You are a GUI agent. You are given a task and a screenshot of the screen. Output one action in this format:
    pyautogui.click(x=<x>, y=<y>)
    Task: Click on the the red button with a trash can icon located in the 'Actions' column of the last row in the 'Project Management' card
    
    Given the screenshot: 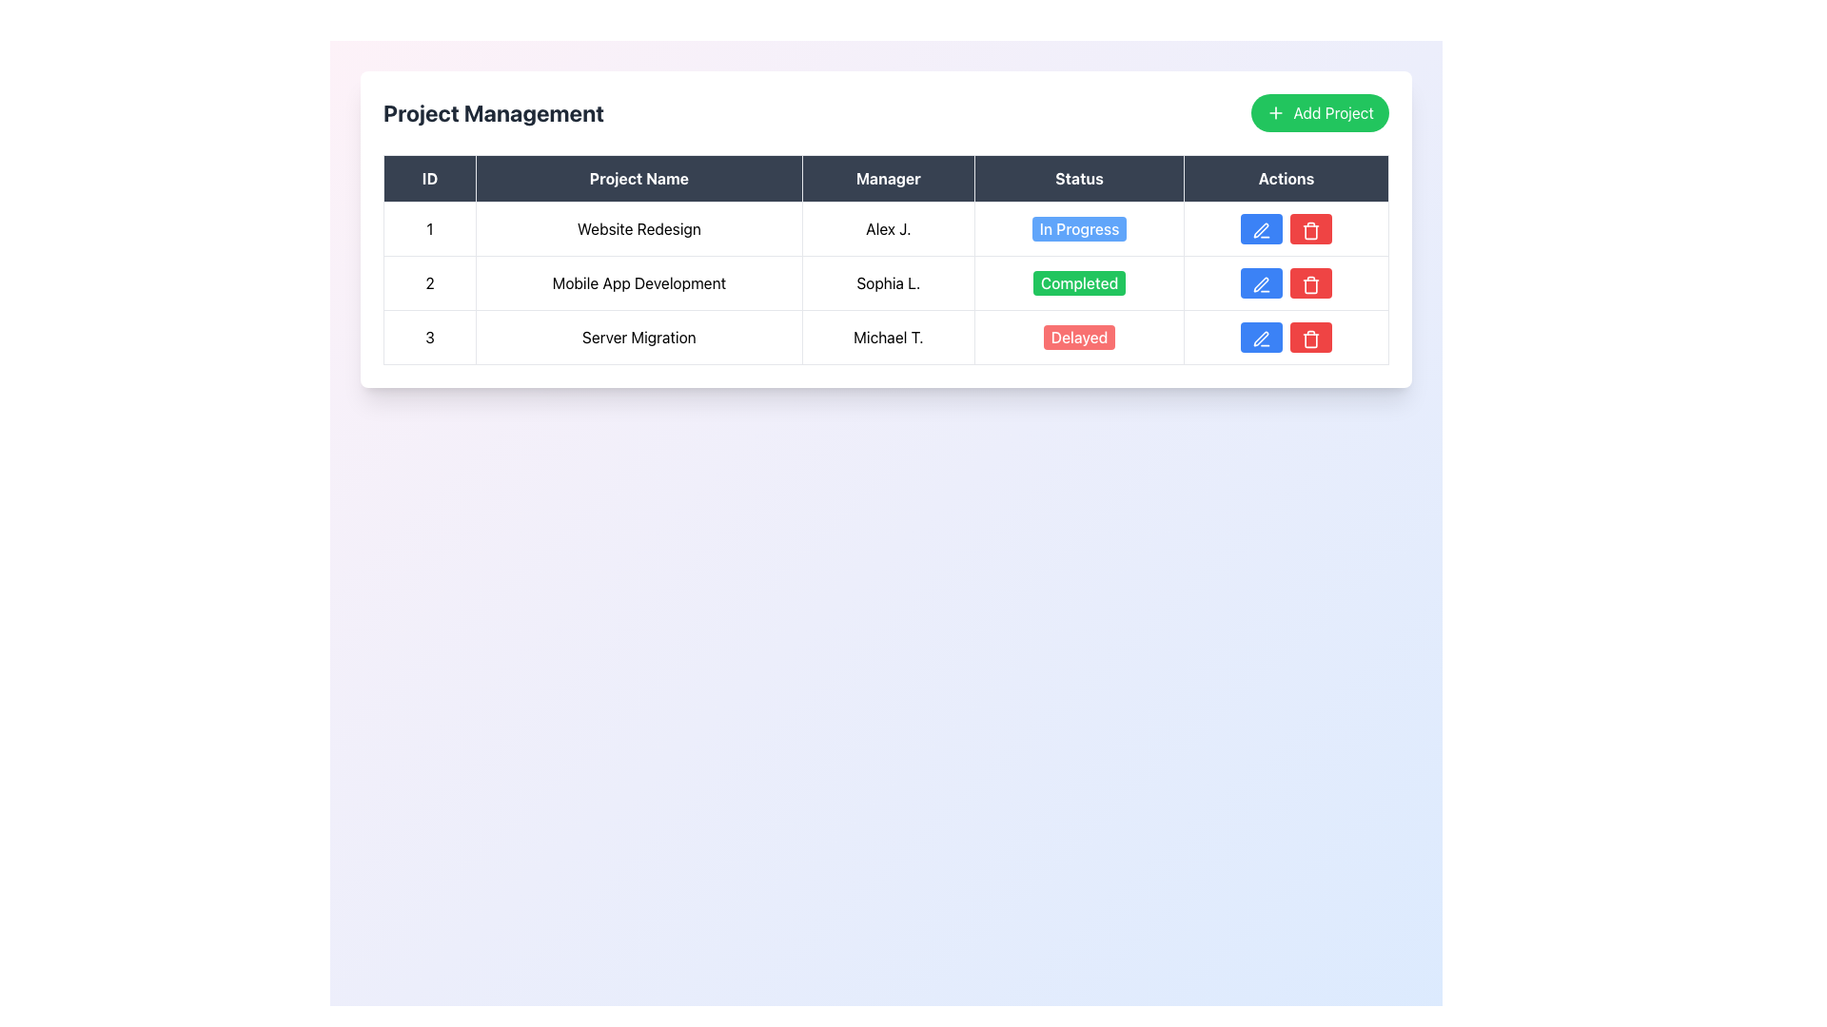 What is the action you would take?
    pyautogui.click(x=1309, y=227)
    